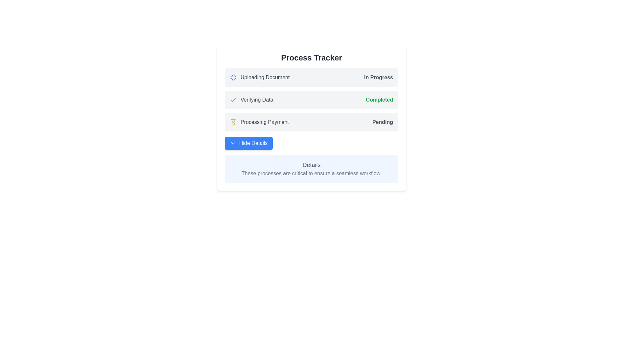 The height and width of the screenshot is (355, 631). What do you see at coordinates (311, 173) in the screenshot?
I see `the static text element that reads 'These processes are critical to ensure a seamless workflow.', which is styled in gray and positioned below a 'Details' text element within a light blue box` at bounding box center [311, 173].